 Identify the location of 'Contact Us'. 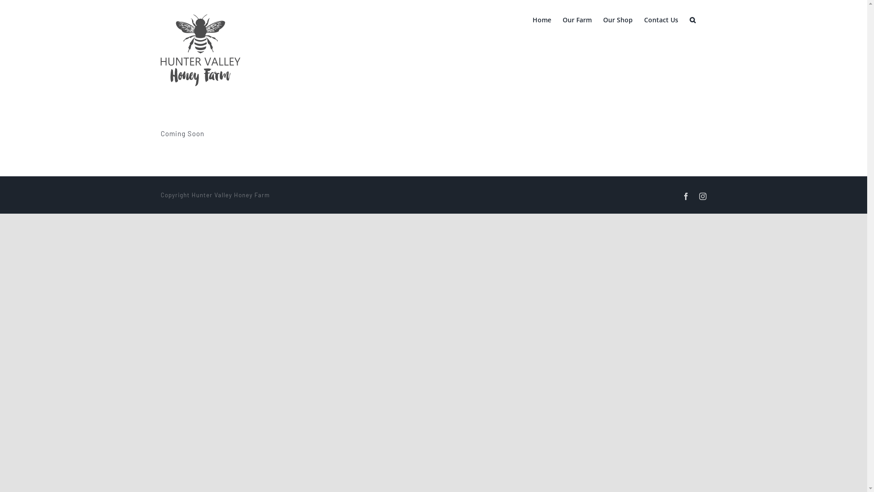
(661, 19).